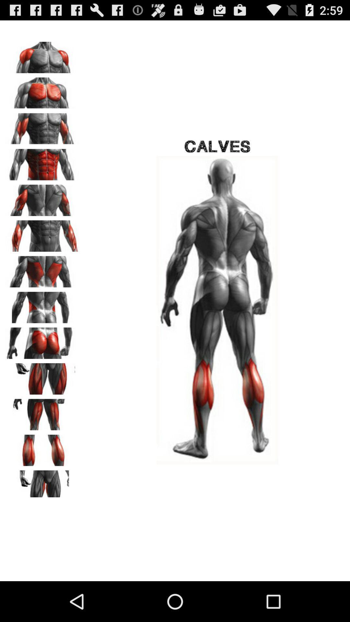  I want to click on work triceps, so click(42, 198).